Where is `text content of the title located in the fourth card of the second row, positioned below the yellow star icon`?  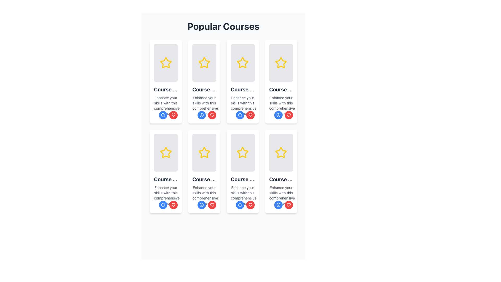
text content of the title located in the fourth card of the second row, positioned below the yellow star icon is located at coordinates (281, 179).